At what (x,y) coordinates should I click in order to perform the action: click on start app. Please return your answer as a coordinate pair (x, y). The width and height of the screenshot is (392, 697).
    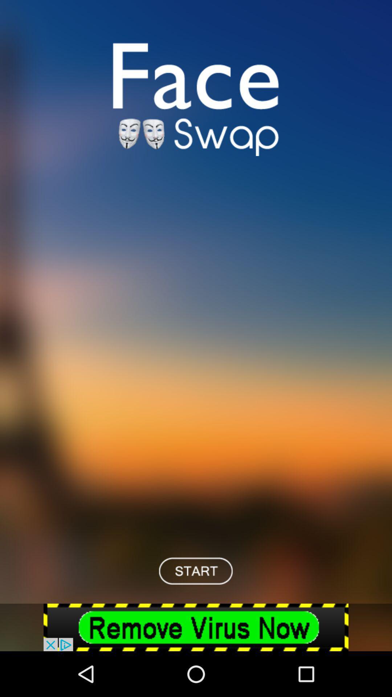
    Looking at the image, I should click on (195, 570).